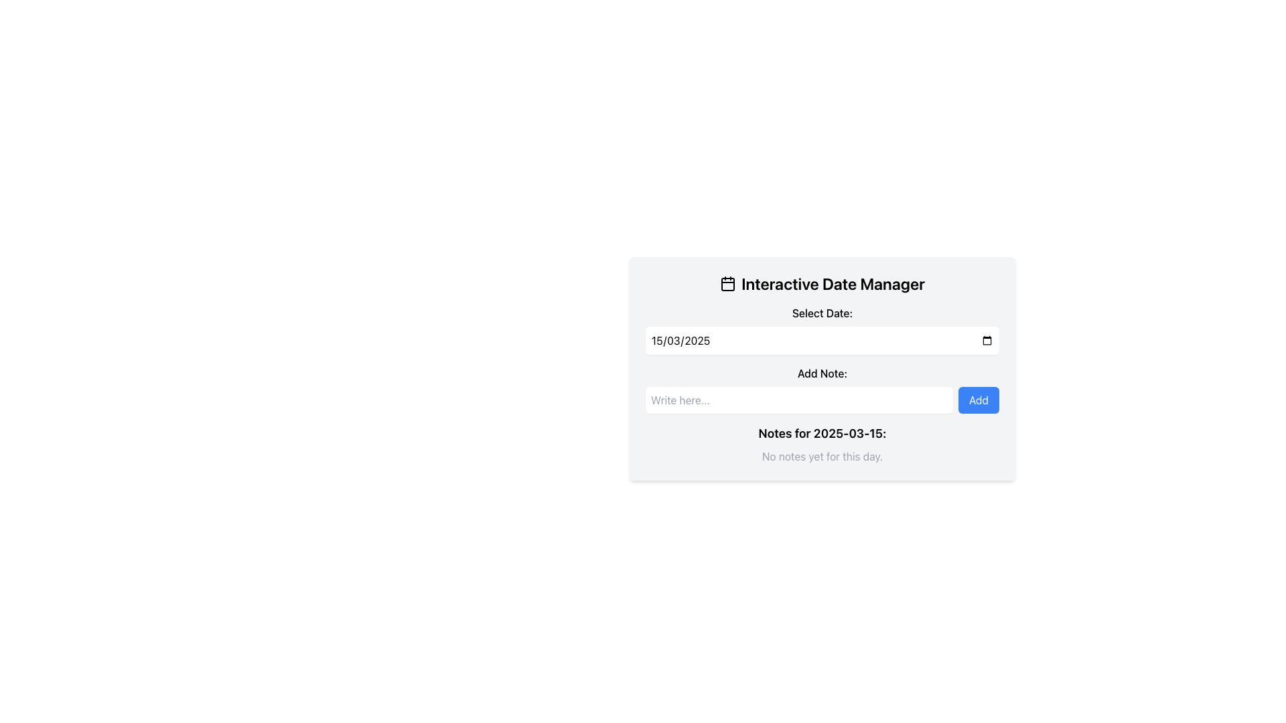 The height and width of the screenshot is (723, 1286). Describe the element at coordinates (822, 434) in the screenshot. I see `the title text element indicating the date 2025-03-15, which is located within the 'Interactive Date Manager' section and is positioned above the gray text 'No notes yet for this day.'` at that location.